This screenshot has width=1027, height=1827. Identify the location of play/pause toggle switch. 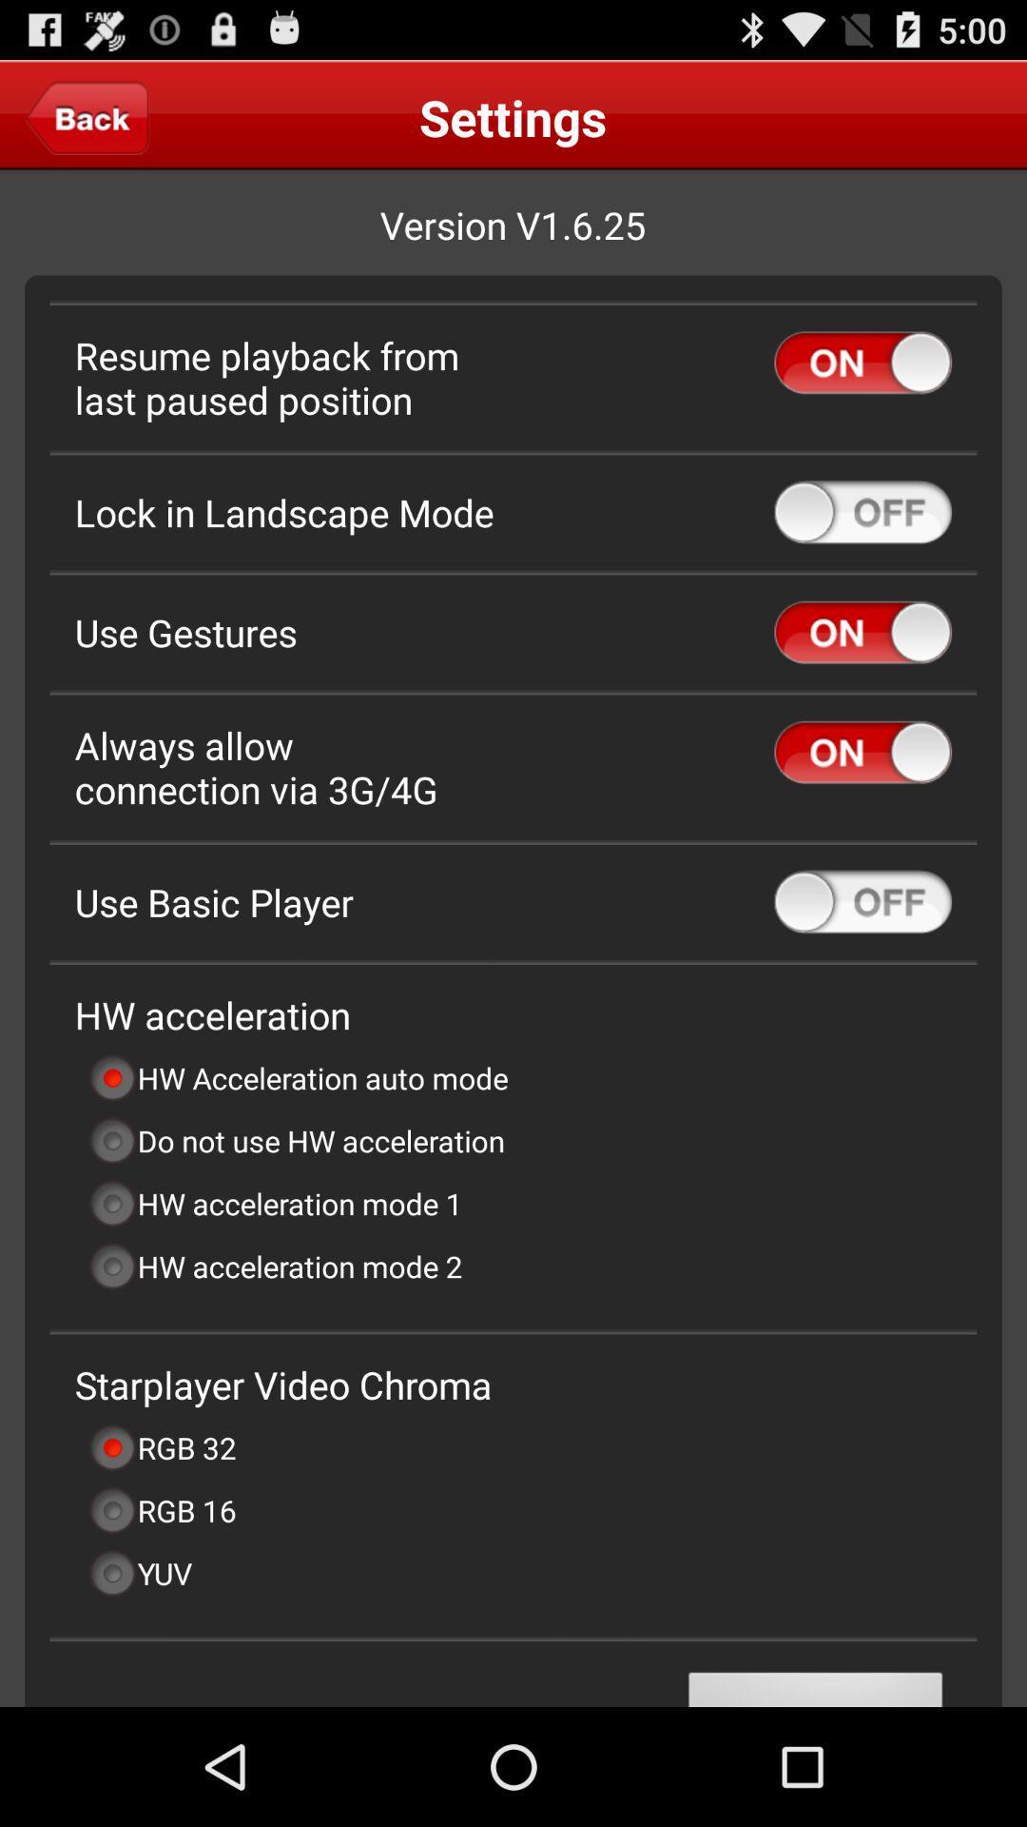
(862, 363).